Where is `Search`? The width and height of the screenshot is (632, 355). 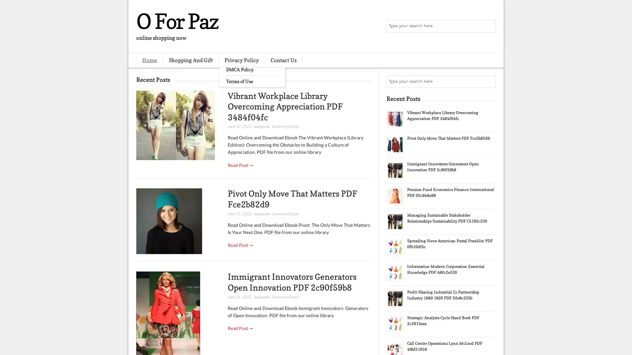
Search is located at coordinates (489, 26).